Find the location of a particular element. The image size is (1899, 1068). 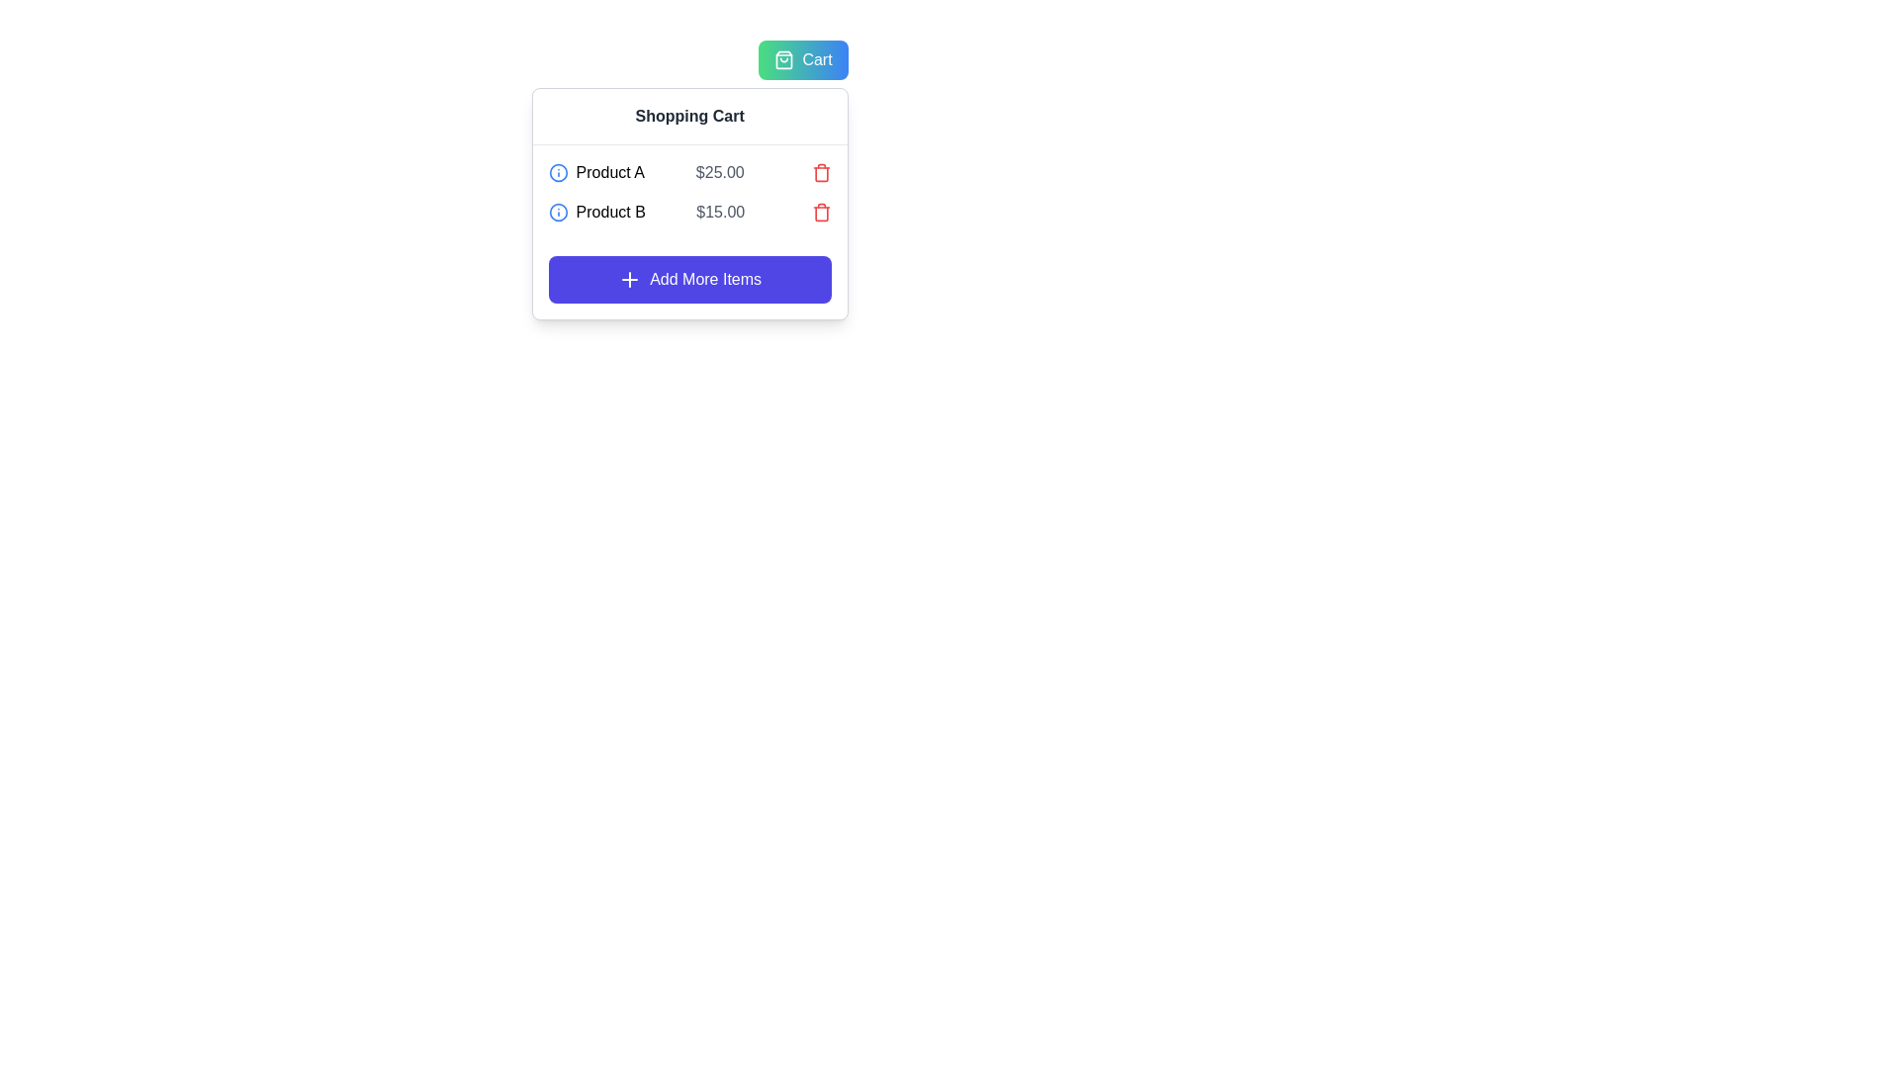

the trash bin icon located at the far right side of the row displaying details for Product B in the shopping cart is located at coordinates (821, 213).